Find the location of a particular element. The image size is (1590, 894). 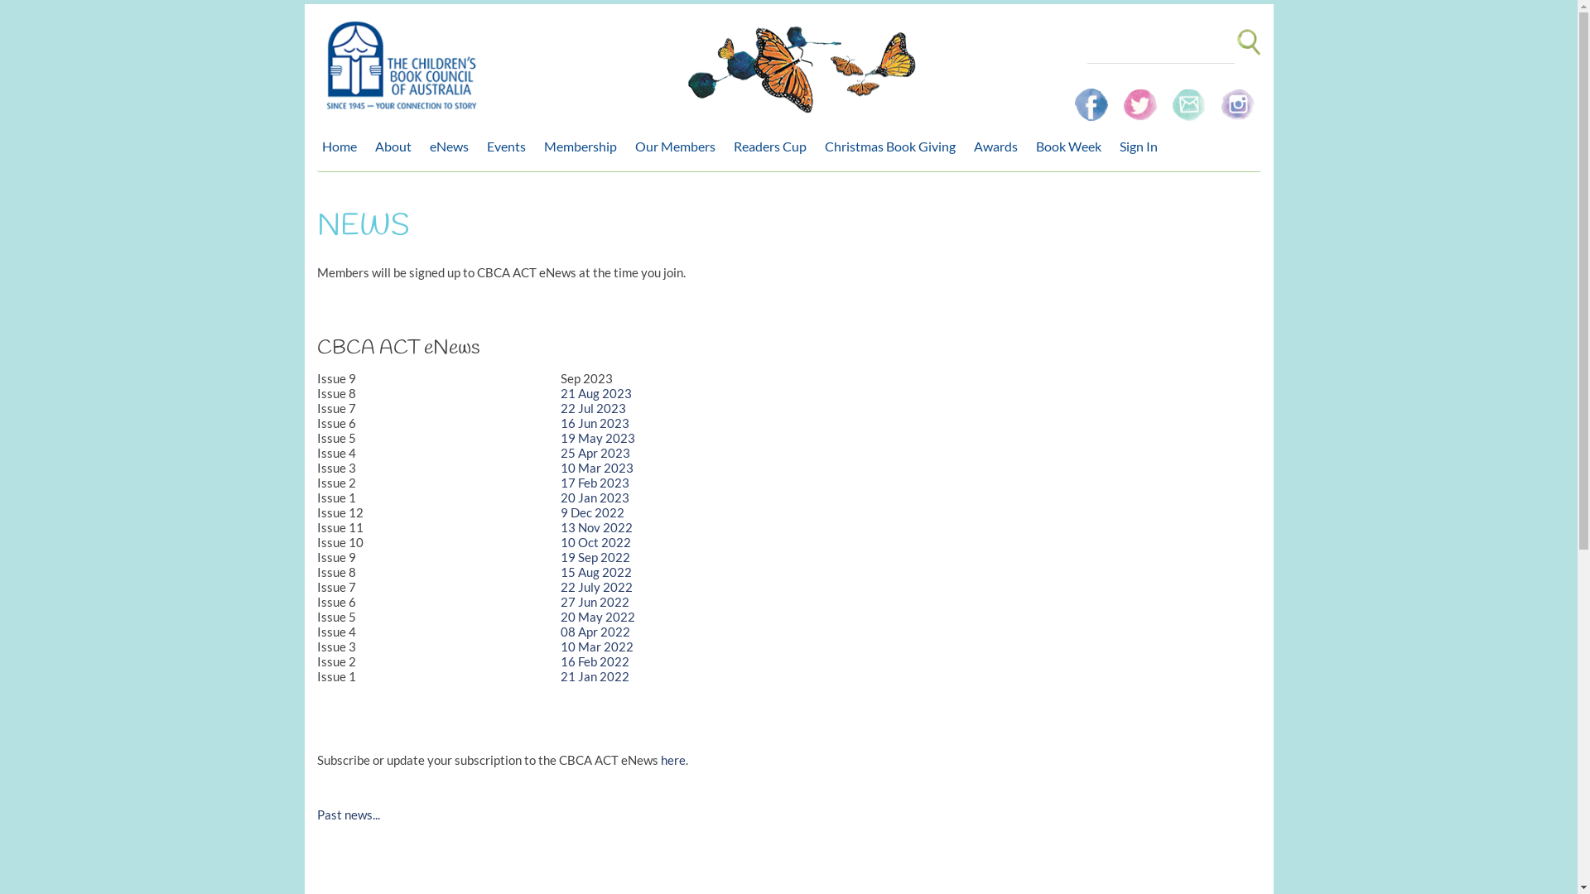

'19 Sep 2022' is located at coordinates (595, 556).